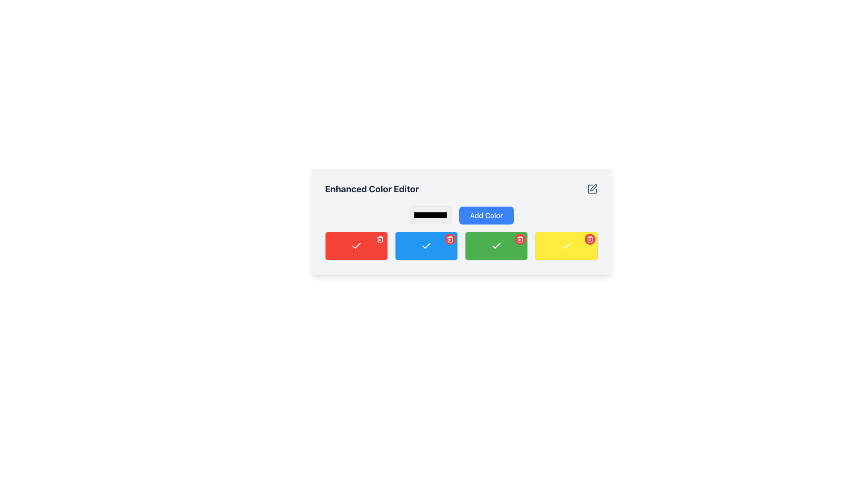 This screenshot has width=861, height=484. What do you see at coordinates (565, 246) in the screenshot?
I see `the status indicator icon that visually indicates a 'checked' or 'selected' state, located in the fourth yellow block from the left` at bounding box center [565, 246].